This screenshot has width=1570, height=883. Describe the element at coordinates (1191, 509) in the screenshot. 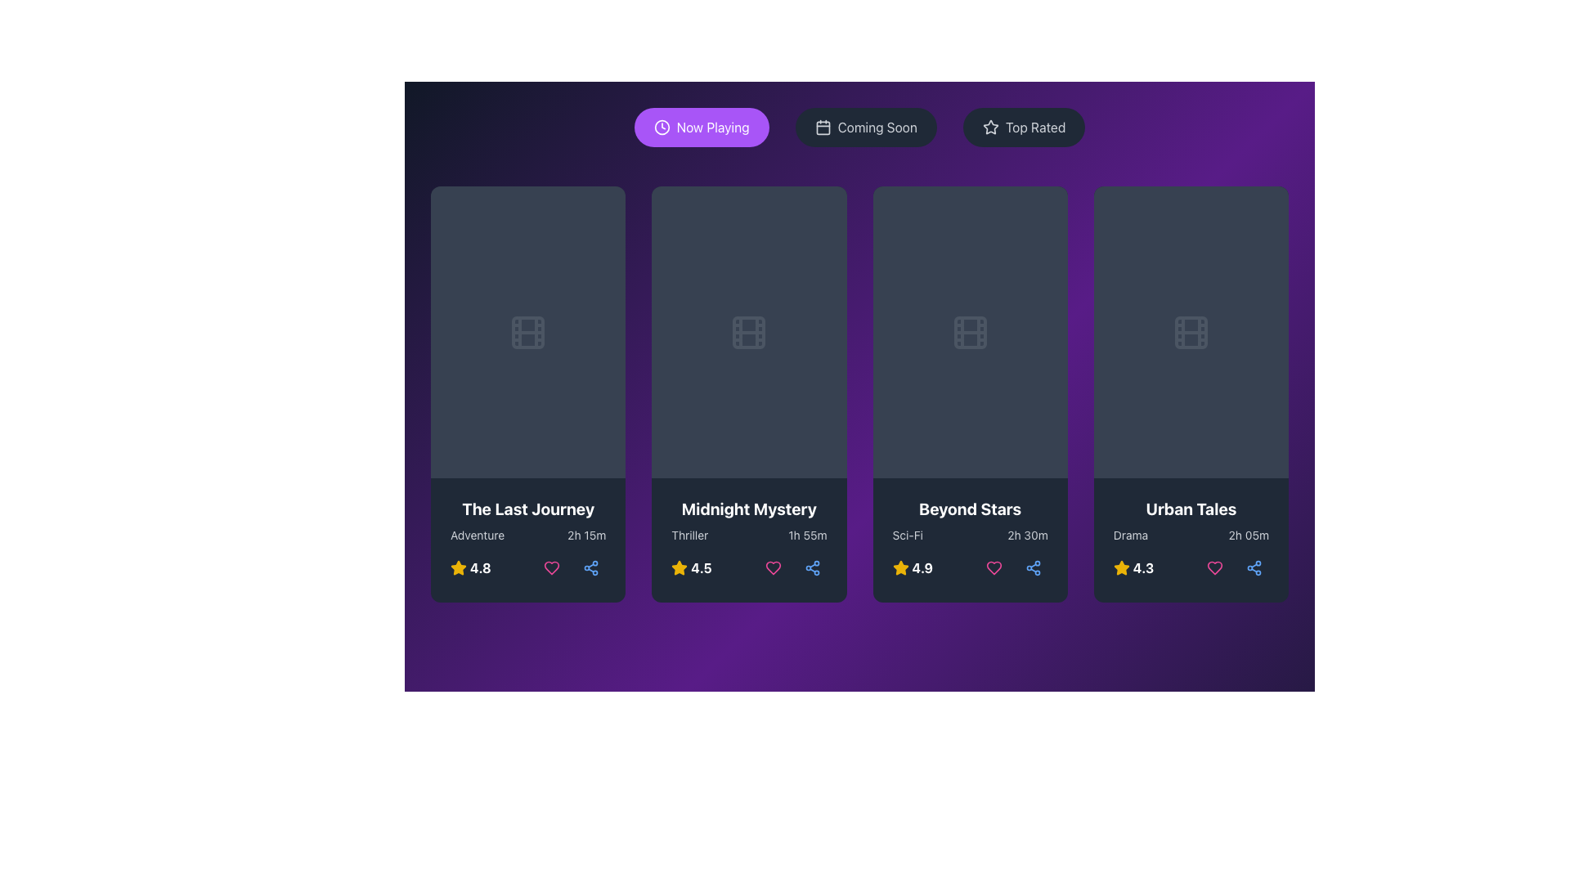

I see `text label 'Urban Tales' which is prominently displayed in bold white letters at the top of the fourth card in a grid layout` at that location.